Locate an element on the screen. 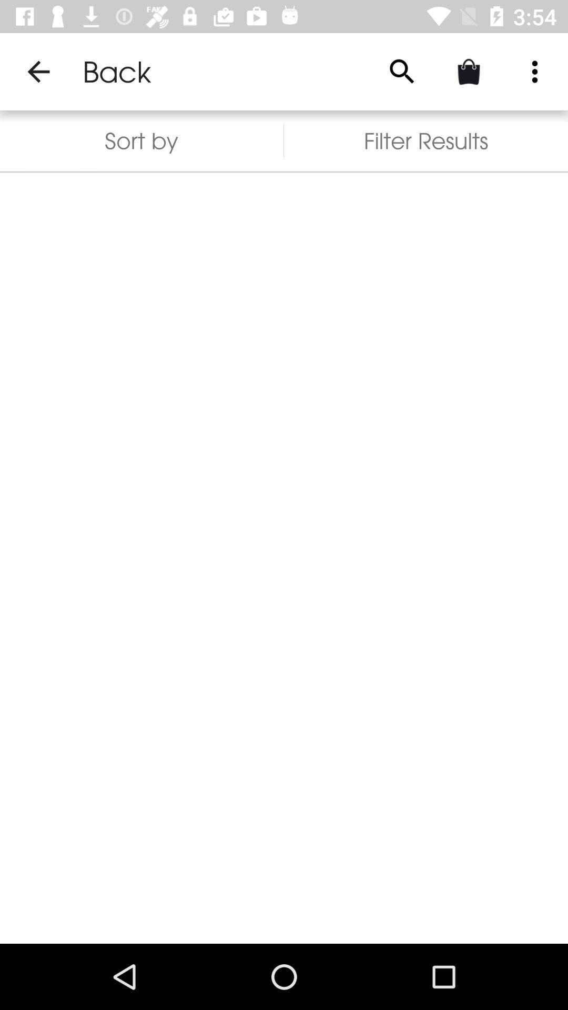  the item above the filter results item is located at coordinates (402, 71).